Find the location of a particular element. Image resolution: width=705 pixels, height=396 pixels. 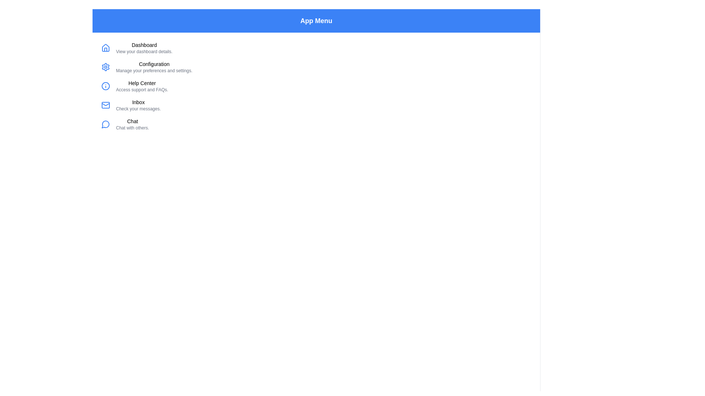

the informational text element located below the 'Dashboard' text in the vertical navigation menu is located at coordinates (144, 51).